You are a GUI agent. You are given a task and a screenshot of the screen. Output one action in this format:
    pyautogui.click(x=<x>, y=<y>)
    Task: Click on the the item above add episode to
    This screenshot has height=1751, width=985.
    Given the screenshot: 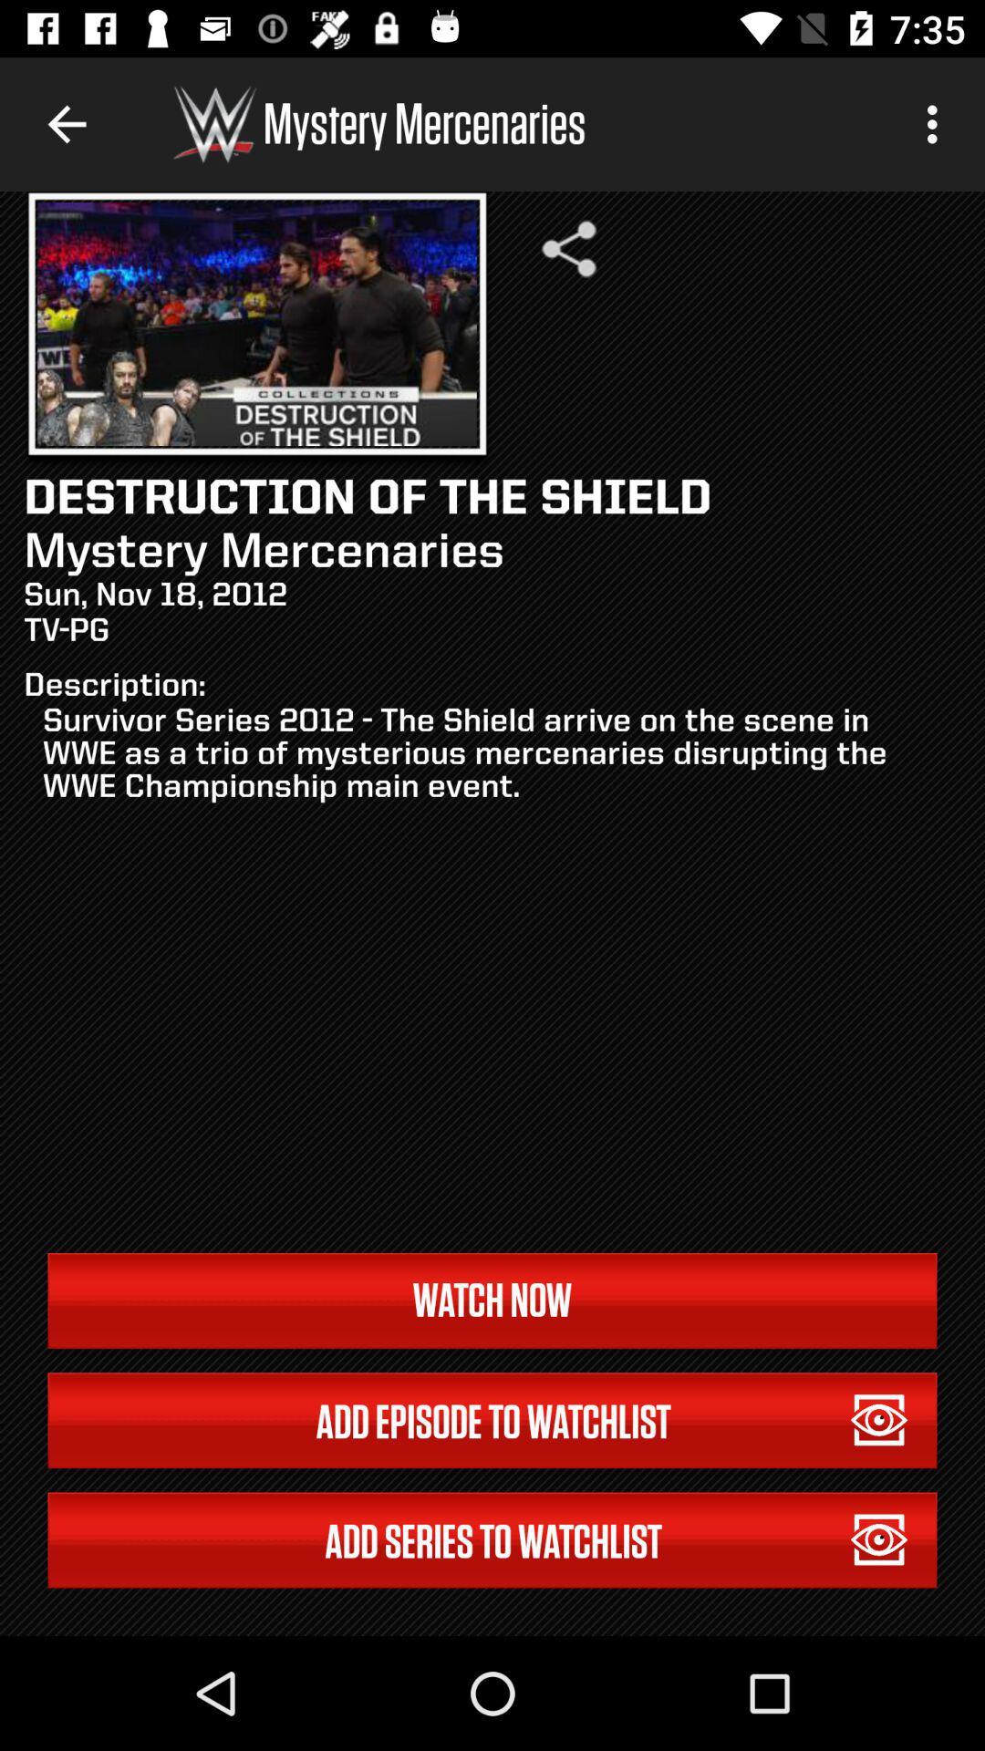 What is the action you would take?
    pyautogui.click(x=493, y=1300)
    